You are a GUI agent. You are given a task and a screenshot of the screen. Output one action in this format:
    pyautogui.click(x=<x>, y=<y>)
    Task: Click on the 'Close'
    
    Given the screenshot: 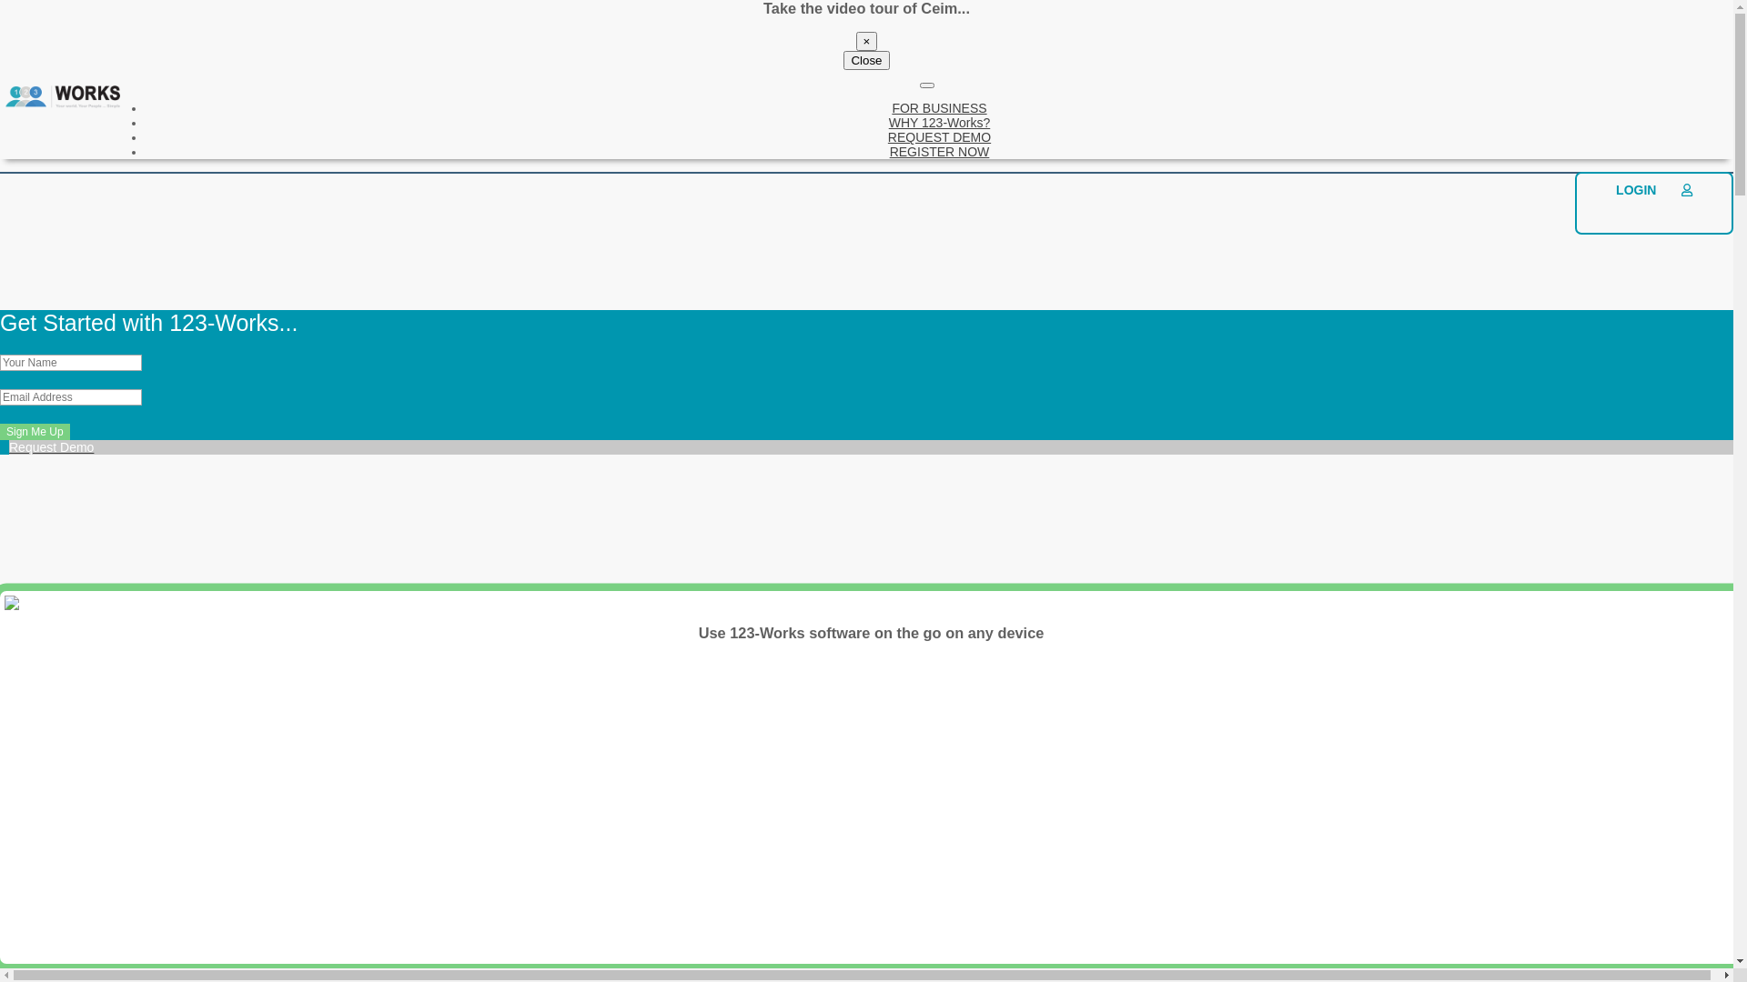 What is the action you would take?
    pyautogui.click(x=864, y=59)
    